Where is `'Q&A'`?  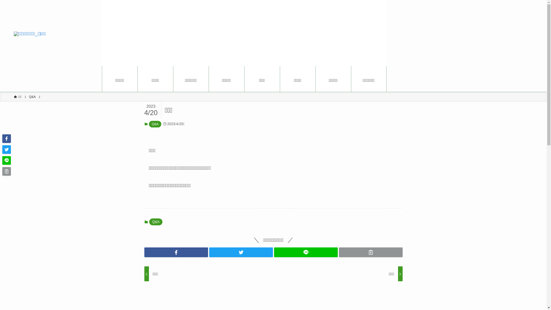 'Q&A' is located at coordinates (32, 97).